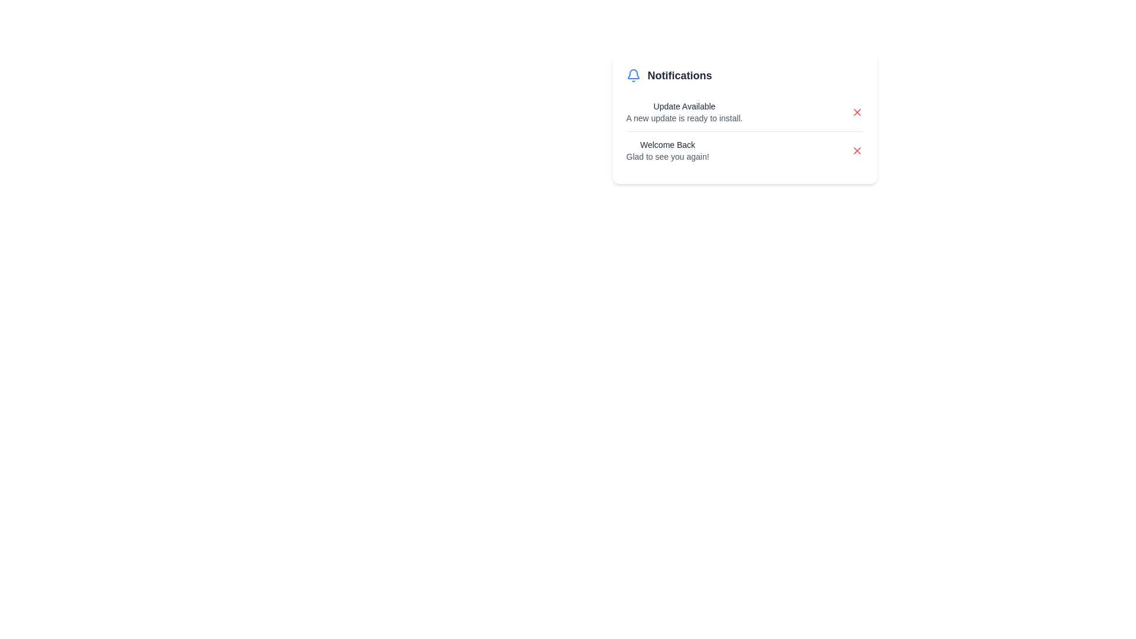 The image size is (1136, 639). What do you see at coordinates (744, 150) in the screenshot?
I see `the notification message welcoming the user back, which is the second item in the notification card` at bounding box center [744, 150].